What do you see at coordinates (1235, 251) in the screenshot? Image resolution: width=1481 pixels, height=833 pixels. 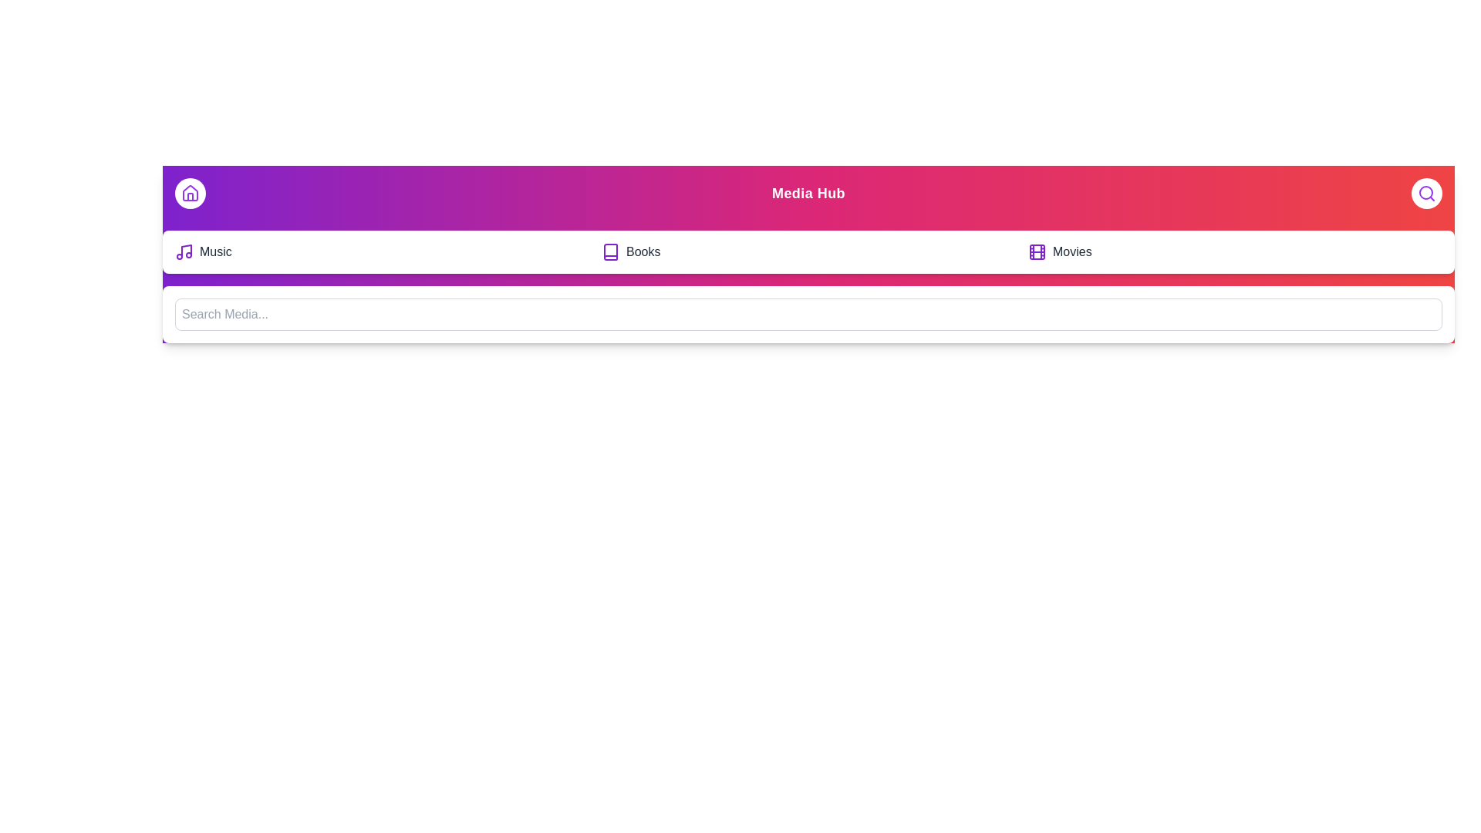 I see `the 'Movies' option in the navigation bar` at bounding box center [1235, 251].